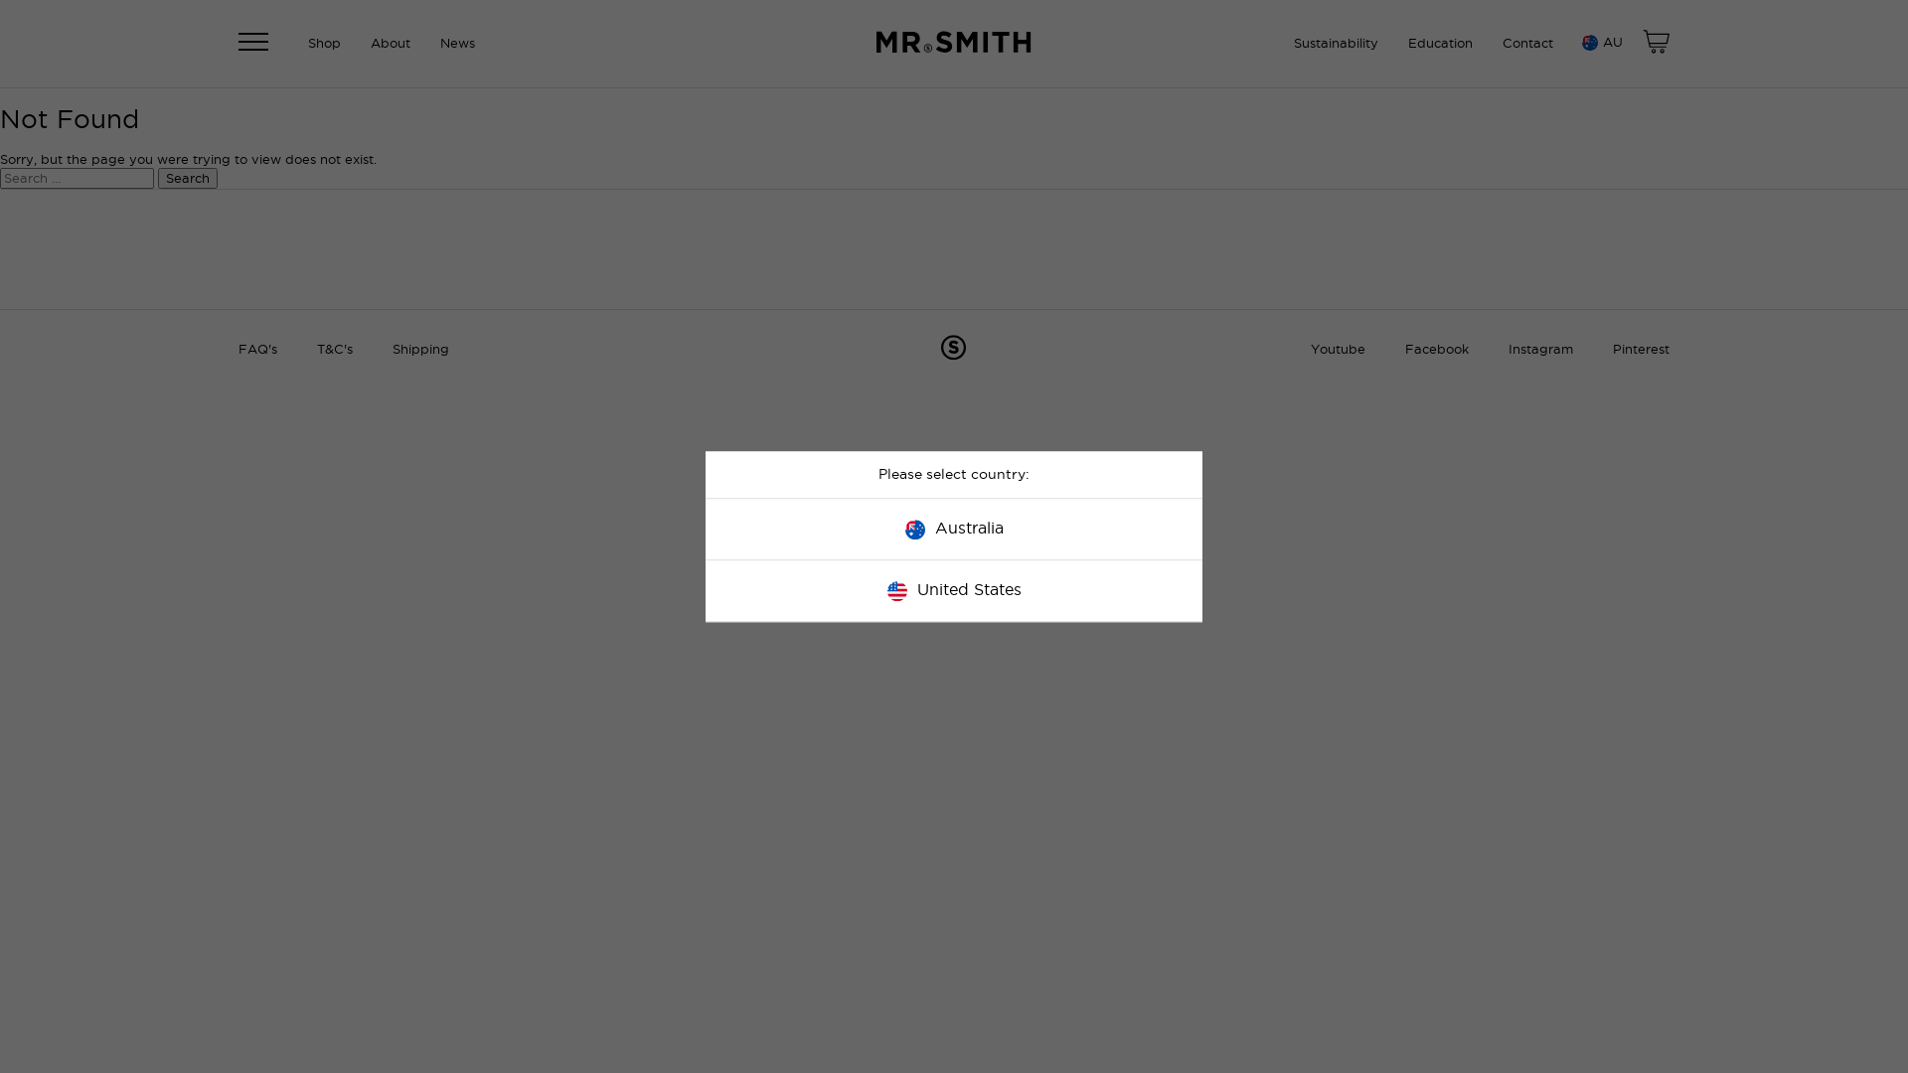  What do you see at coordinates (324, 43) in the screenshot?
I see `'Shop'` at bounding box center [324, 43].